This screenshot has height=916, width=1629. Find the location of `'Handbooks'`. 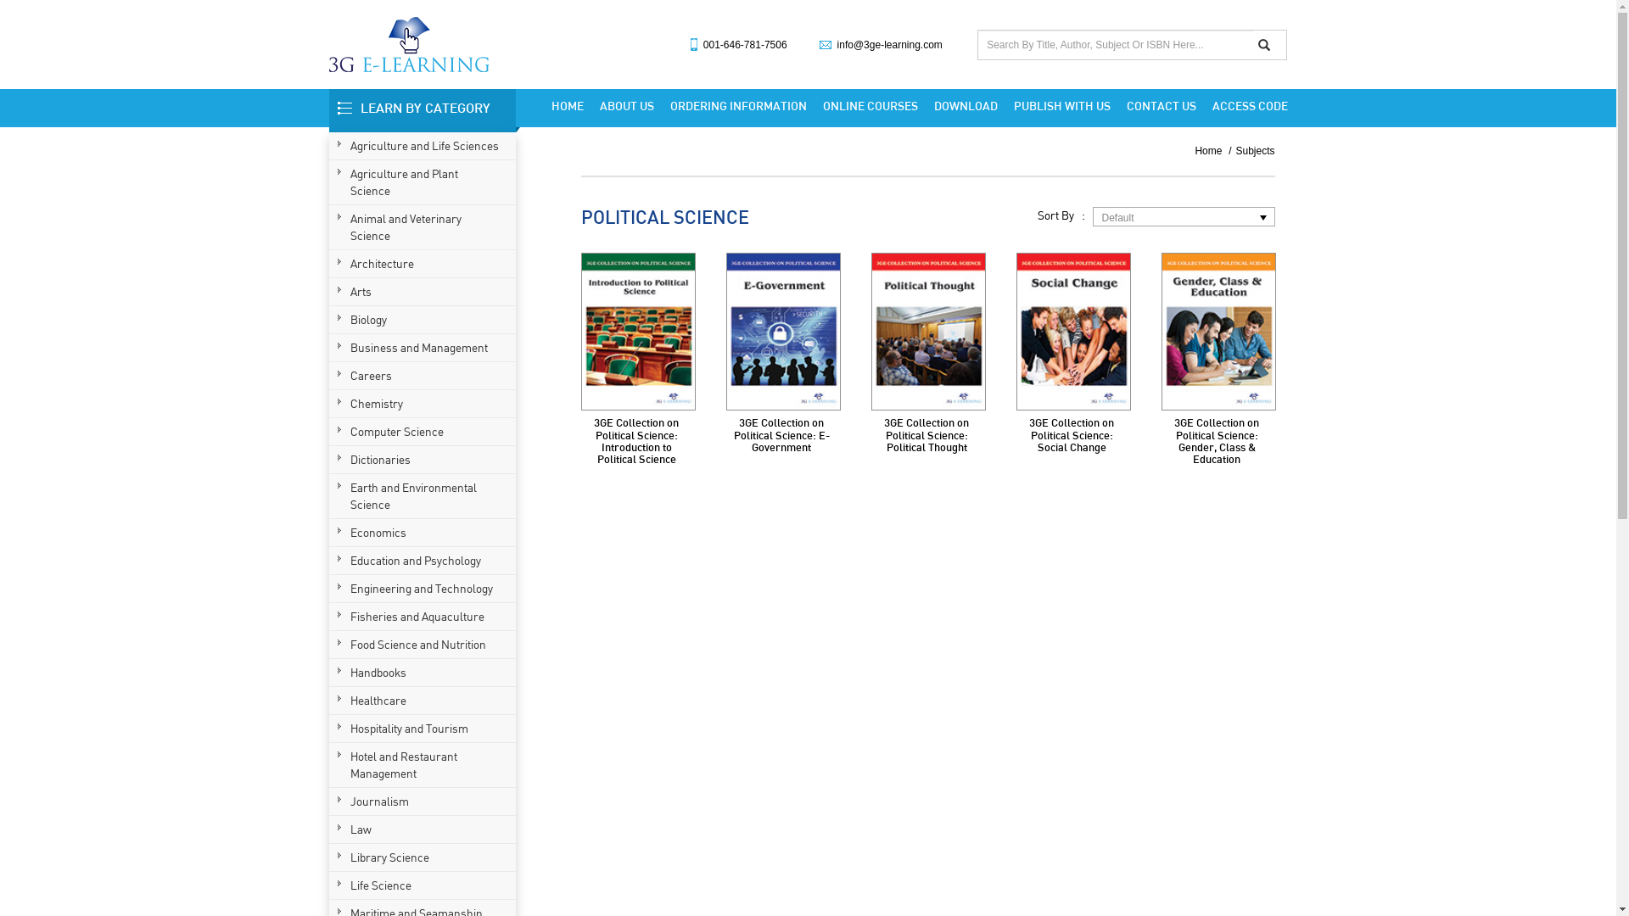

'Handbooks' is located at coordinates (423, 672).